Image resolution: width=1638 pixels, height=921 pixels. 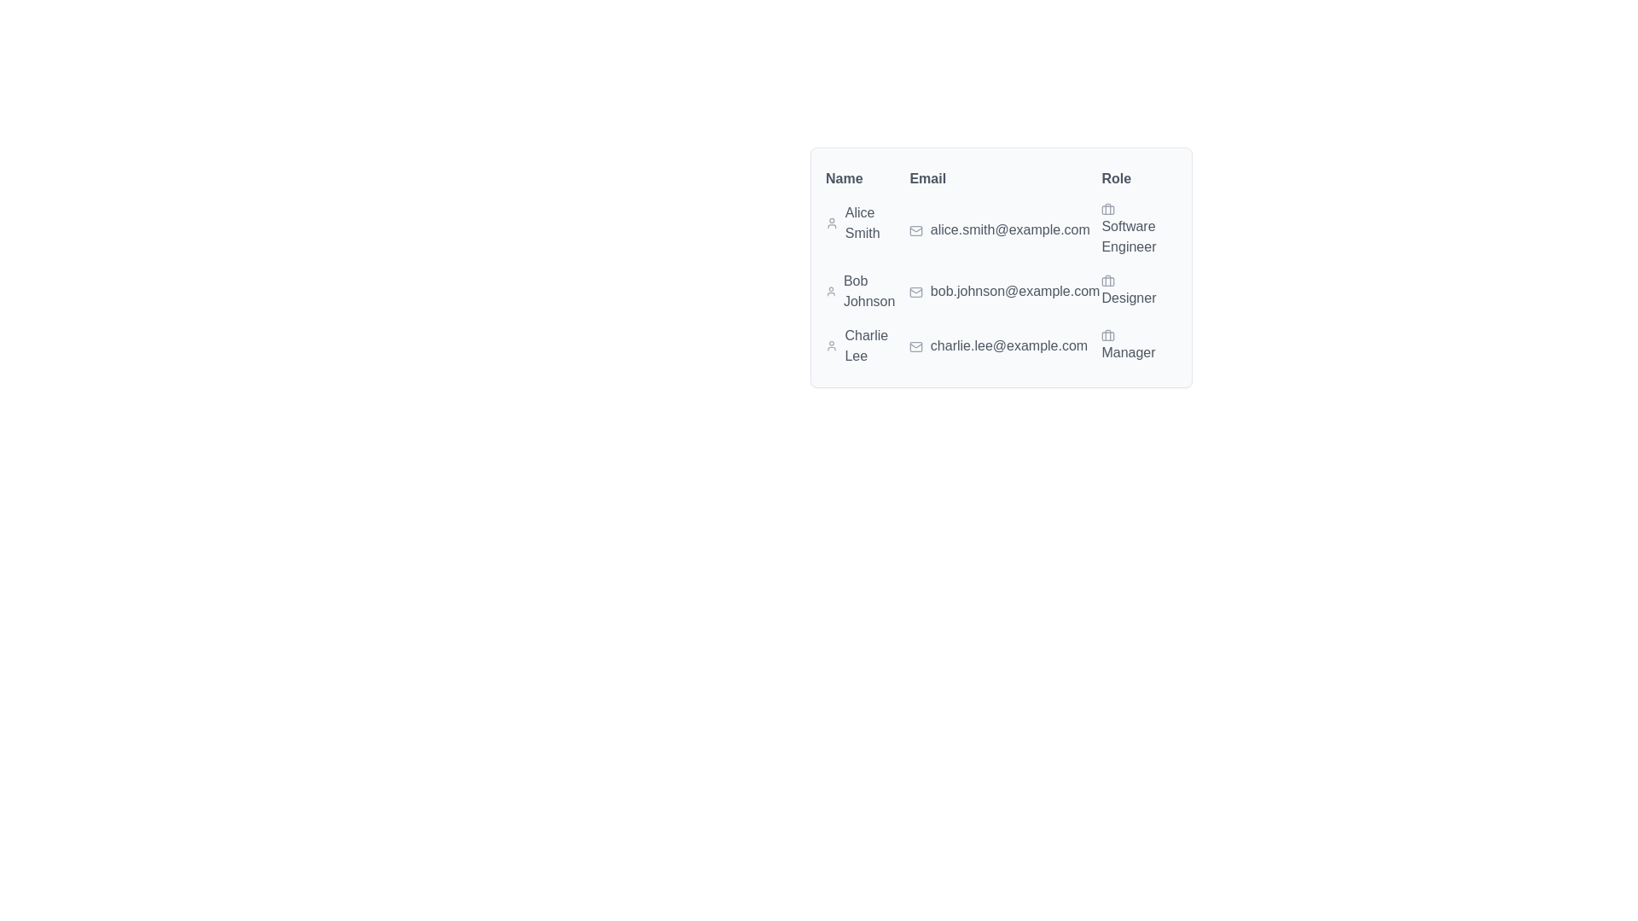 What do you see at coordinates (832, 223) in the screenshot?
I see `the small user icon, represented as a circular head over a torso, located to the immediate left of the text 'Alice Smith'` at bounding box center [832, 223].